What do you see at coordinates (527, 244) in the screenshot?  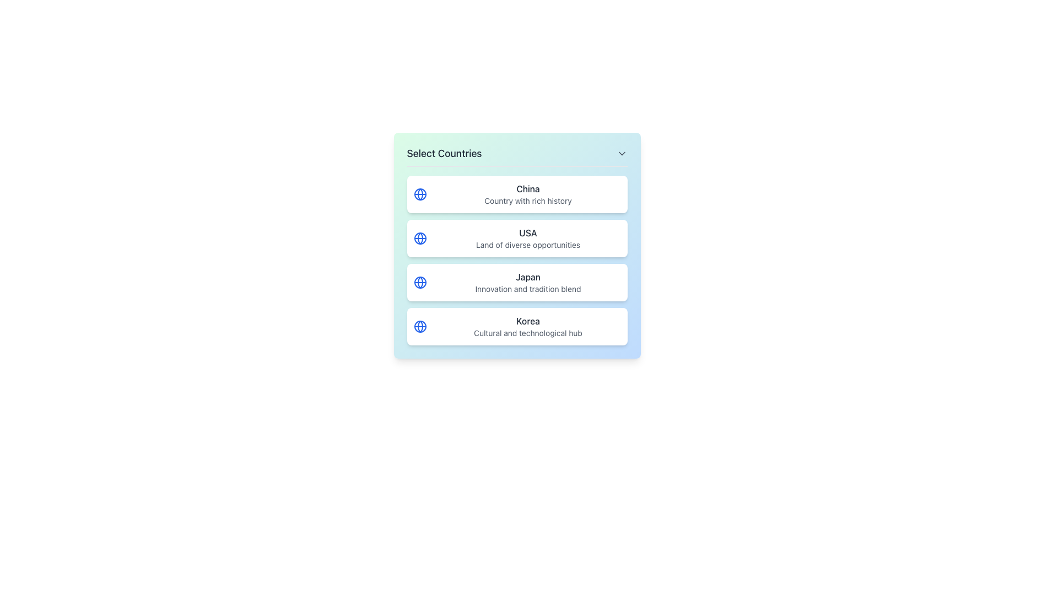 I see `the text label providing additional descriptive information about the country USA, located below the bold title 'USA' in the country list` at bounding box center [527, 244].